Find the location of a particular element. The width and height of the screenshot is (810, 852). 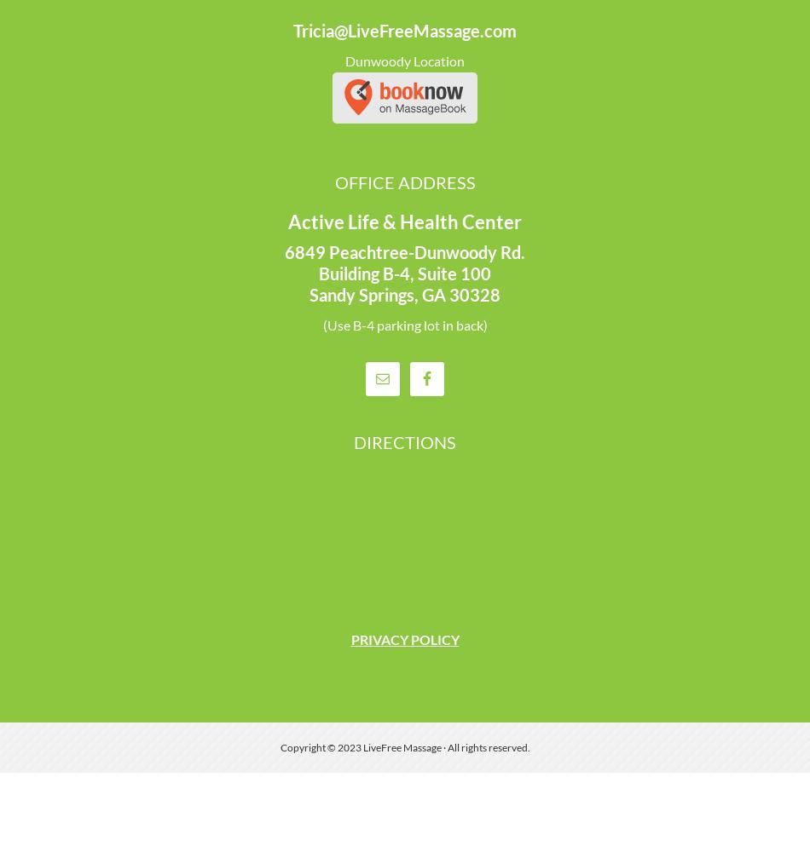

'6849 Peachtree-Dunwoody Rd.' is located at coordinates (405, 252).